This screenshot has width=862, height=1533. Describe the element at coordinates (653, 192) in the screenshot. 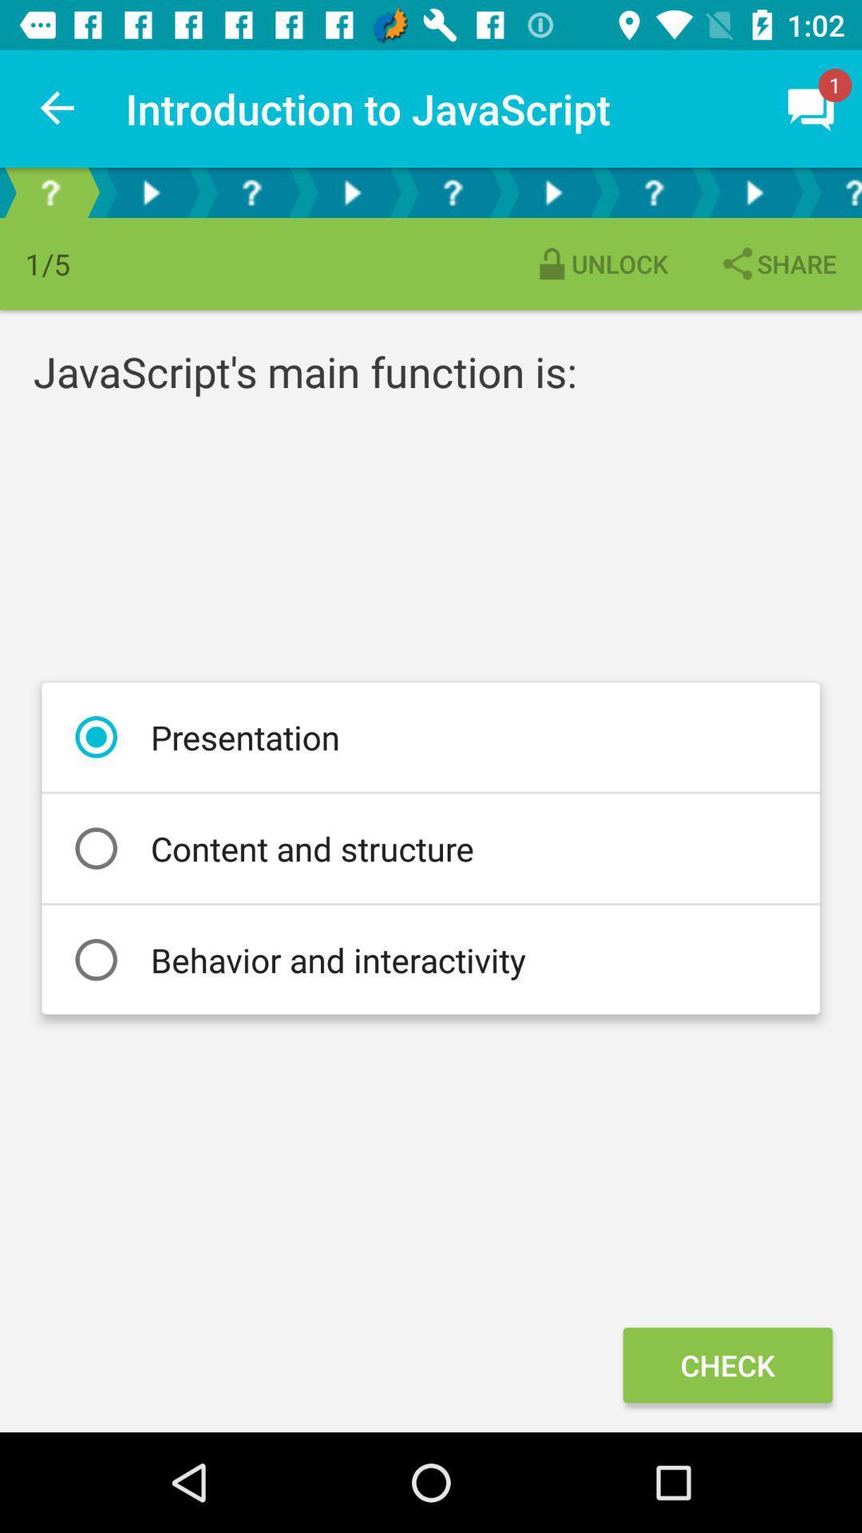

I see `see more information` at that location.